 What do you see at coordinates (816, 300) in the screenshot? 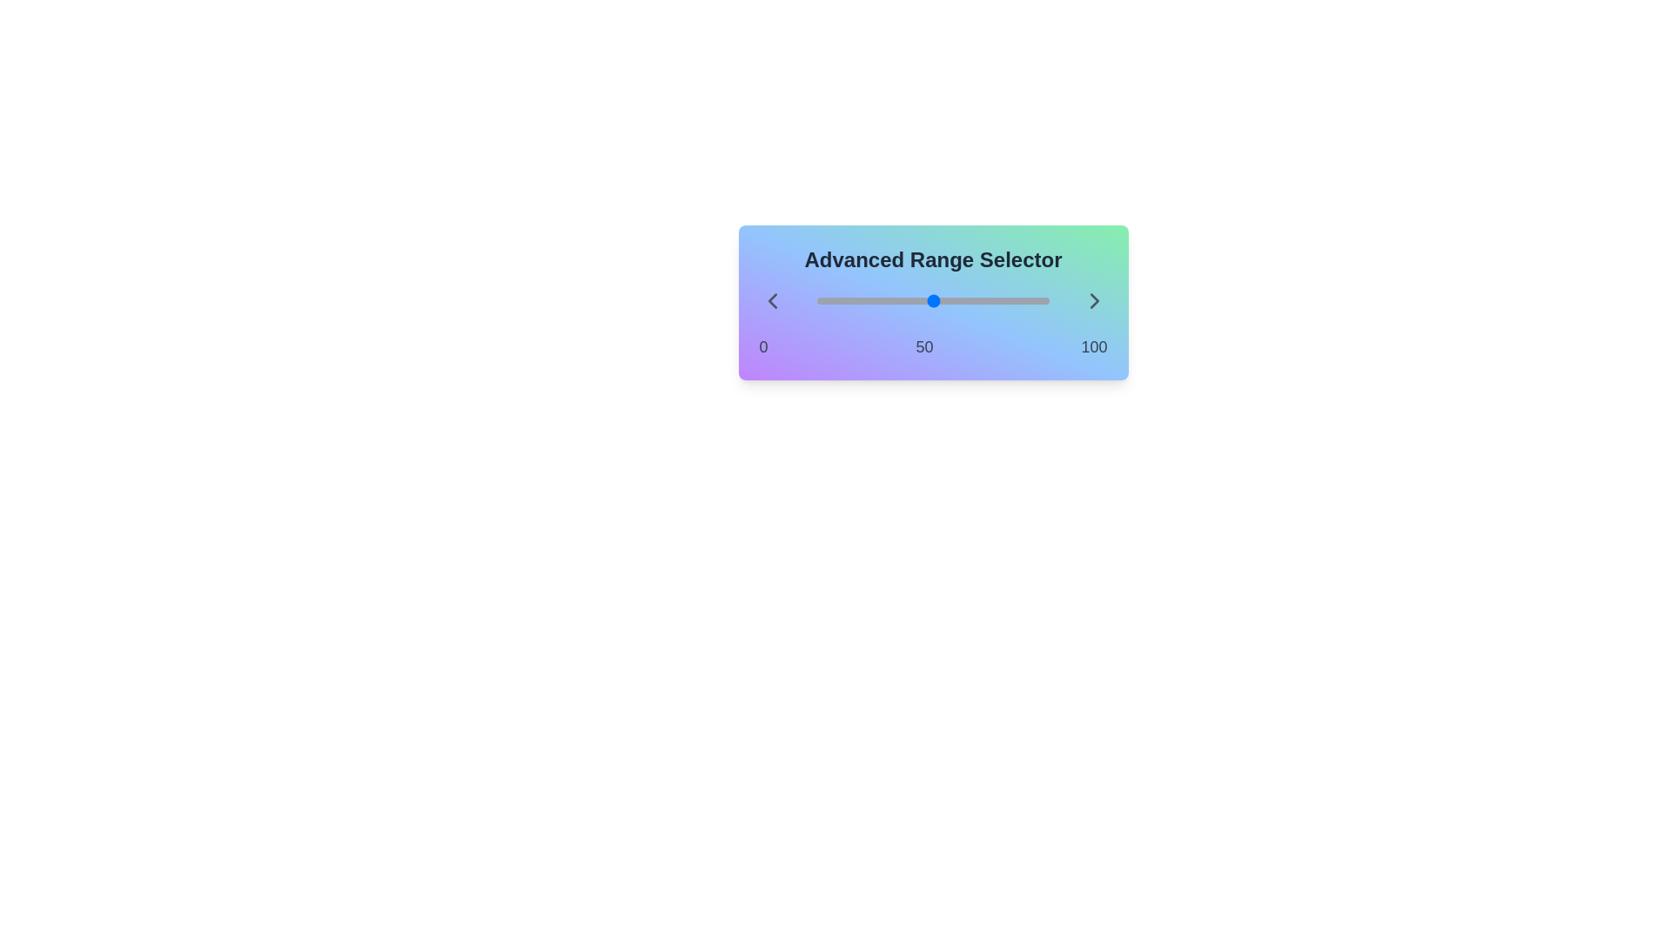
I see `the slider to set the range value to 89` at bounding box center [816, 300].